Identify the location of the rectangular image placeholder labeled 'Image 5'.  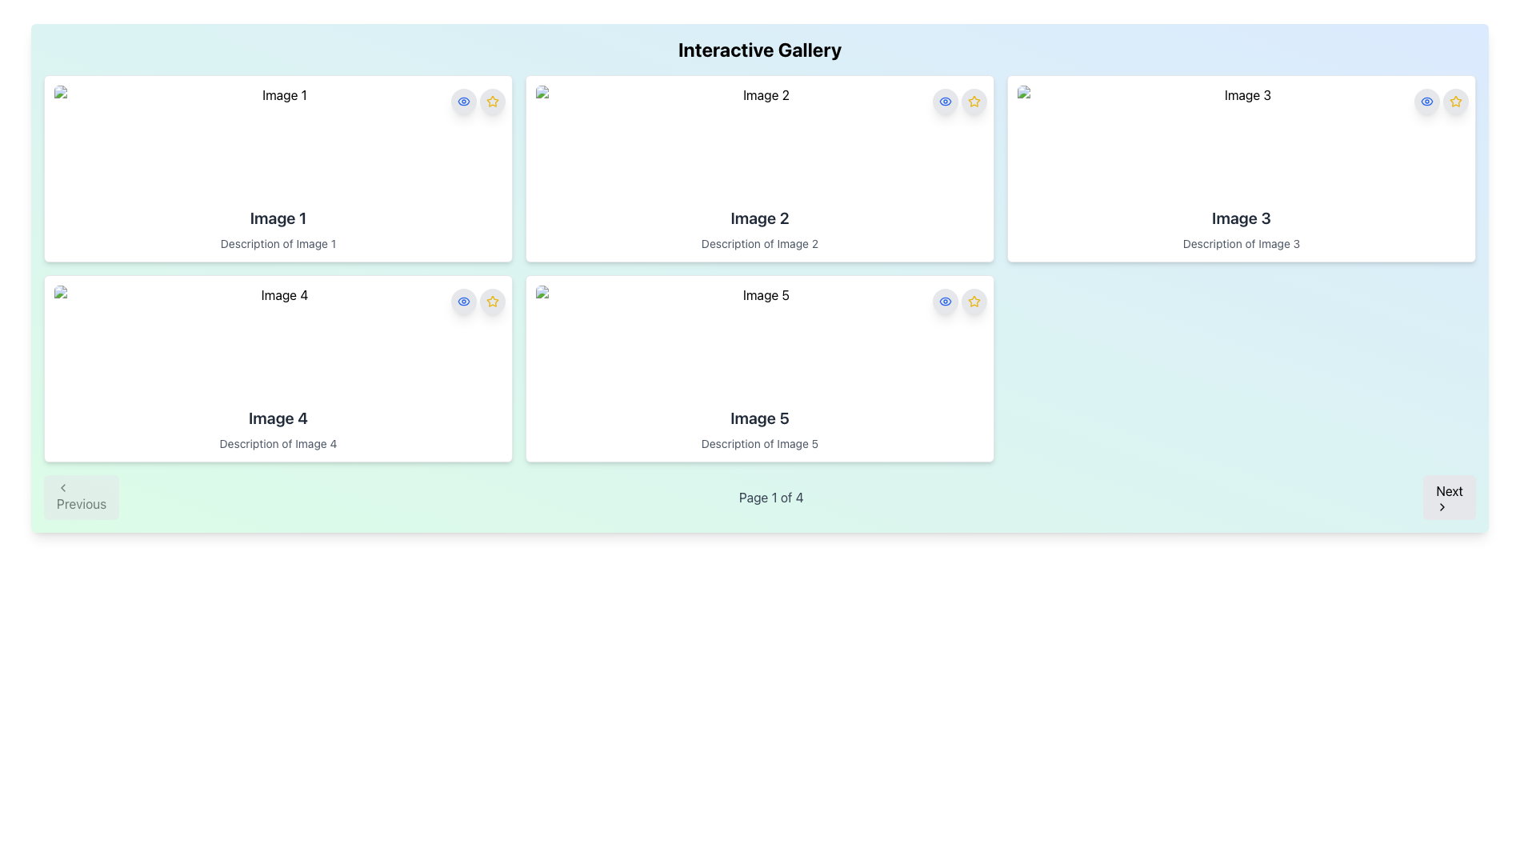
(759, 342).